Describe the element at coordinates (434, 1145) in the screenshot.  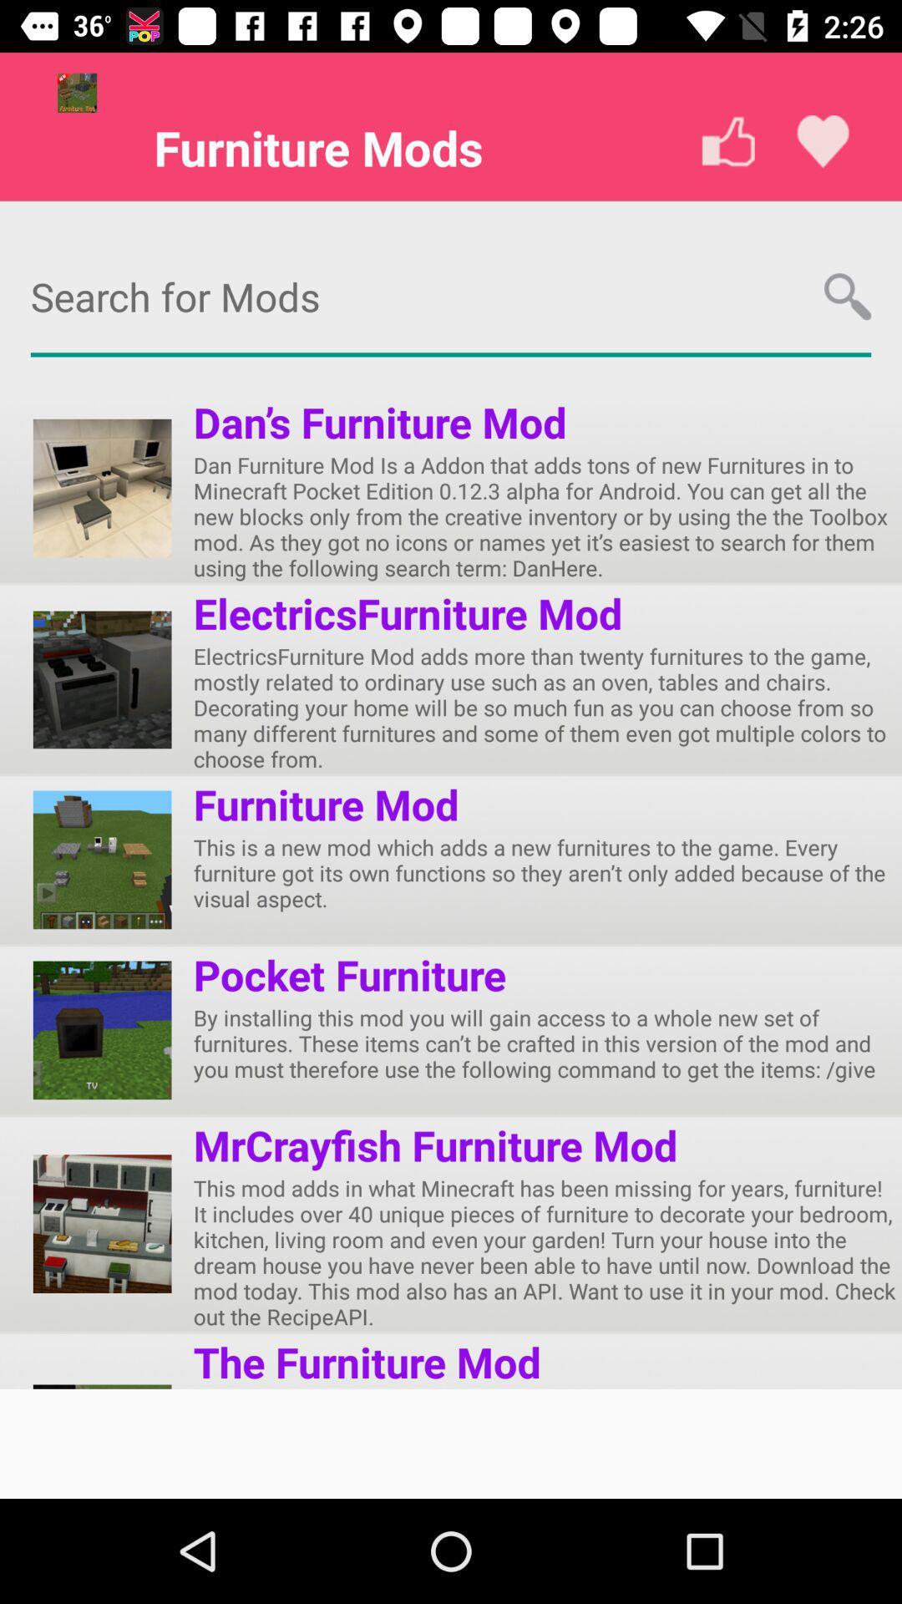
I see `mrcrayfish furniture mod app` at that location.